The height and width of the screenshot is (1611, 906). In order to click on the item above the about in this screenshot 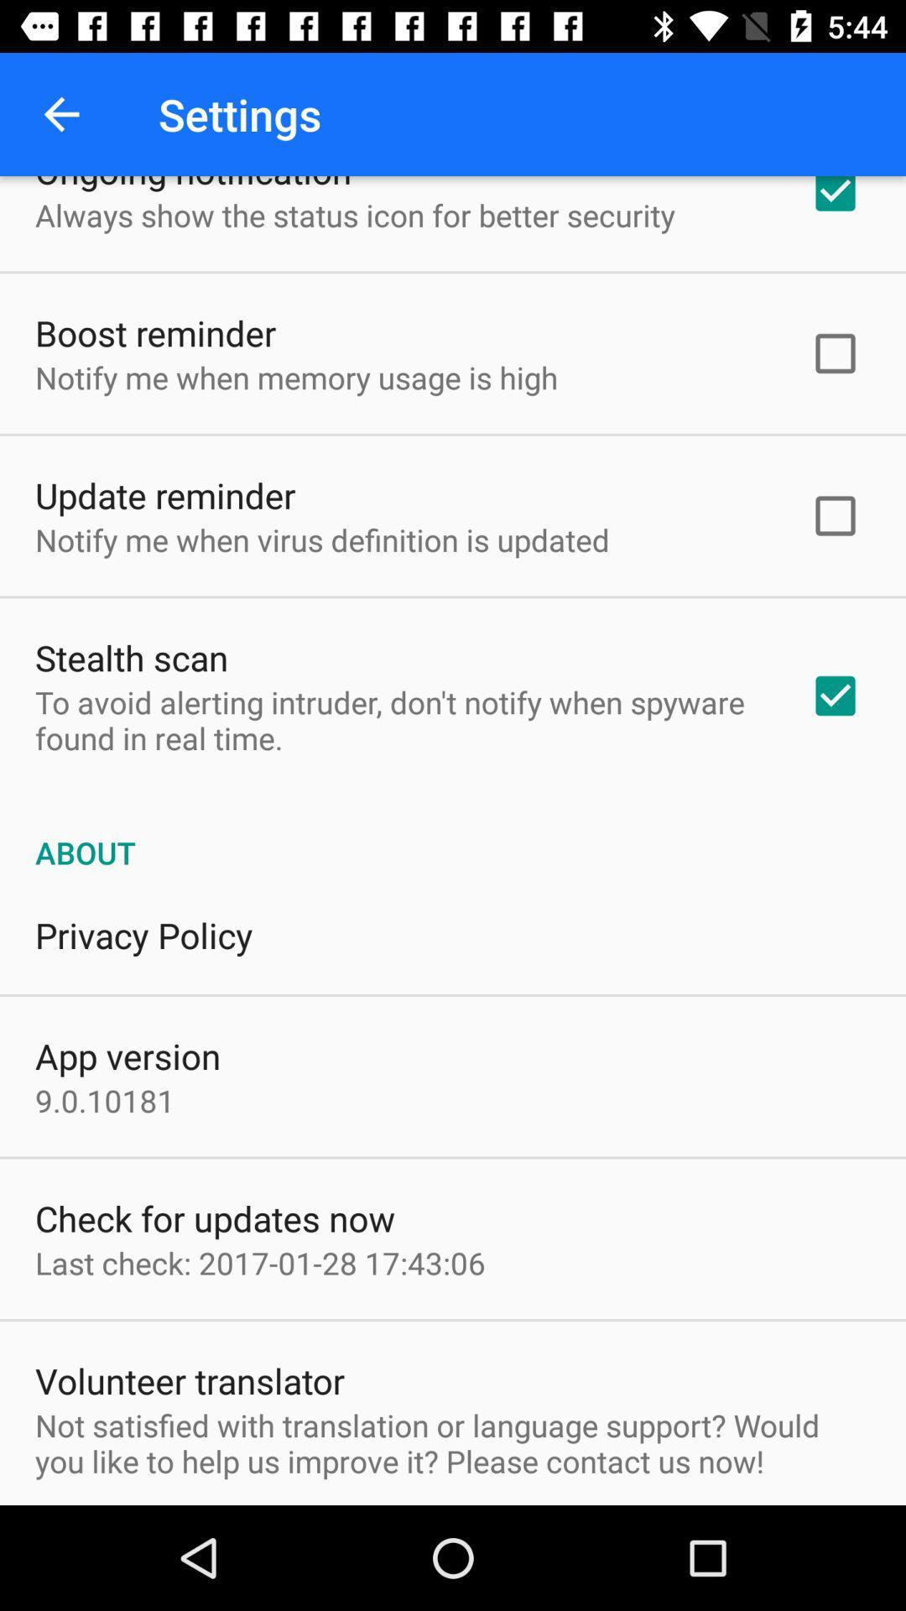, I will do `click(400, 720)`.